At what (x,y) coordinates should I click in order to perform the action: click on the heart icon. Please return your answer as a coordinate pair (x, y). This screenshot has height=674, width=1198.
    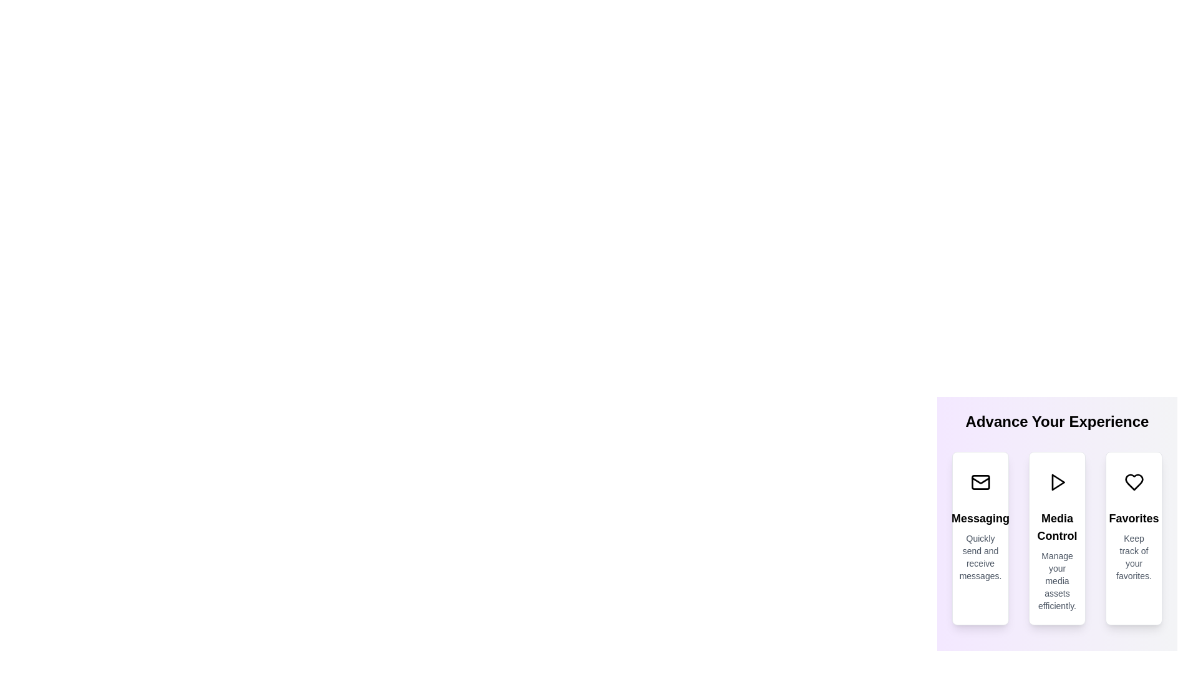
    Looking at the image, I should click on (1134, 481).